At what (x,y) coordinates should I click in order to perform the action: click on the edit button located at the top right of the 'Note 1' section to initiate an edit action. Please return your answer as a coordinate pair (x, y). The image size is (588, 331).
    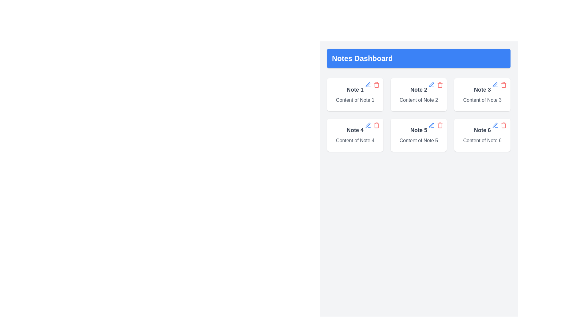
    Looking at the image, I should click on (367, 85).